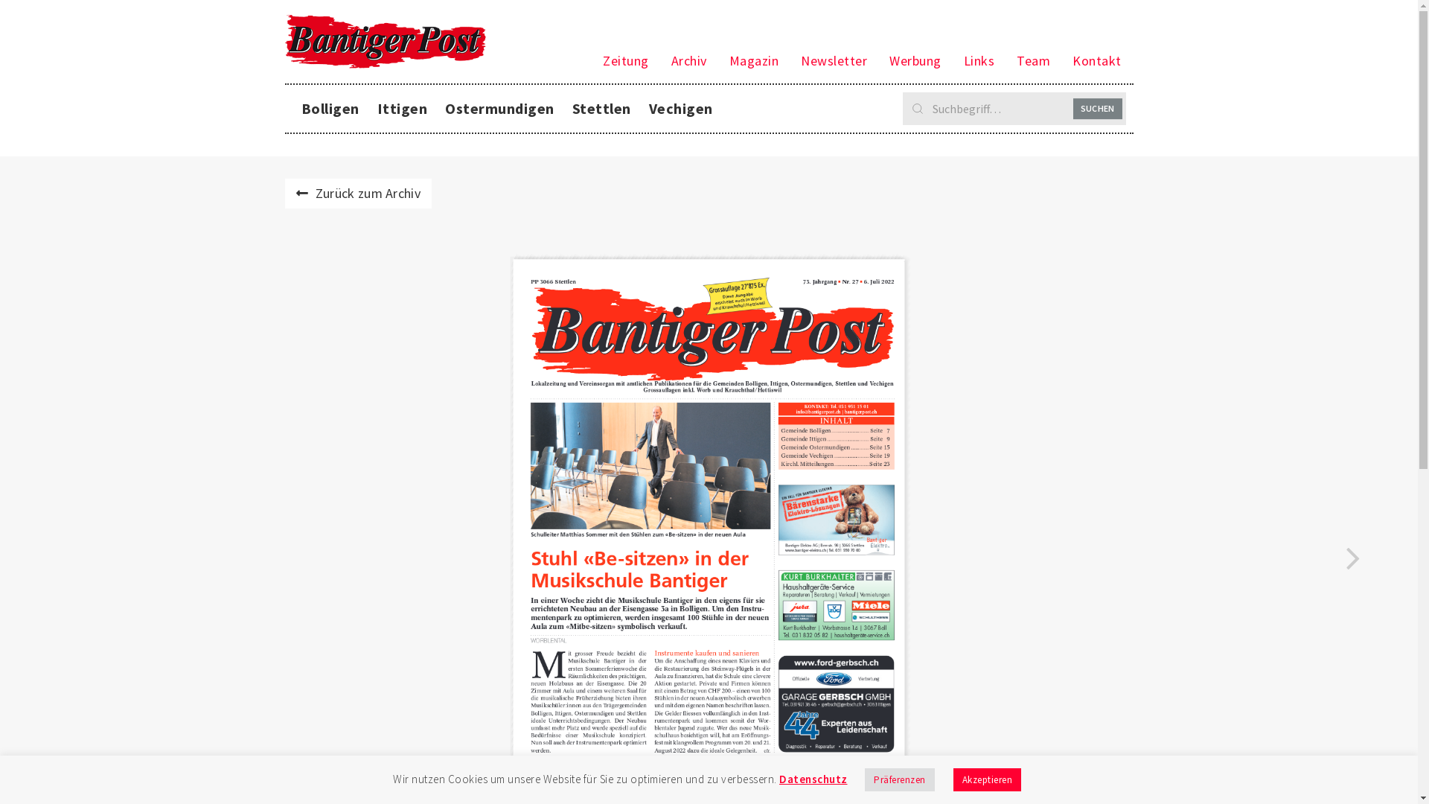  I want to click on 'Magazin', so click(717, 60).